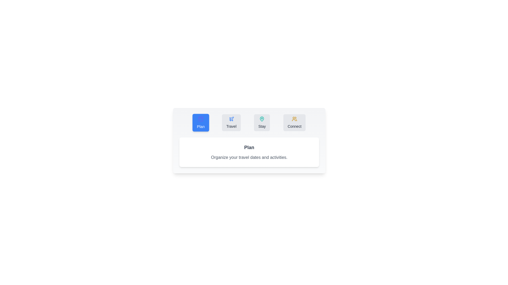 The height and width of the screenshot is (285, 508). Describe the element at coordinates (262, 123) in the screenshot. I see `the tab labeled 'Stay' to preview its hover state` at that location.